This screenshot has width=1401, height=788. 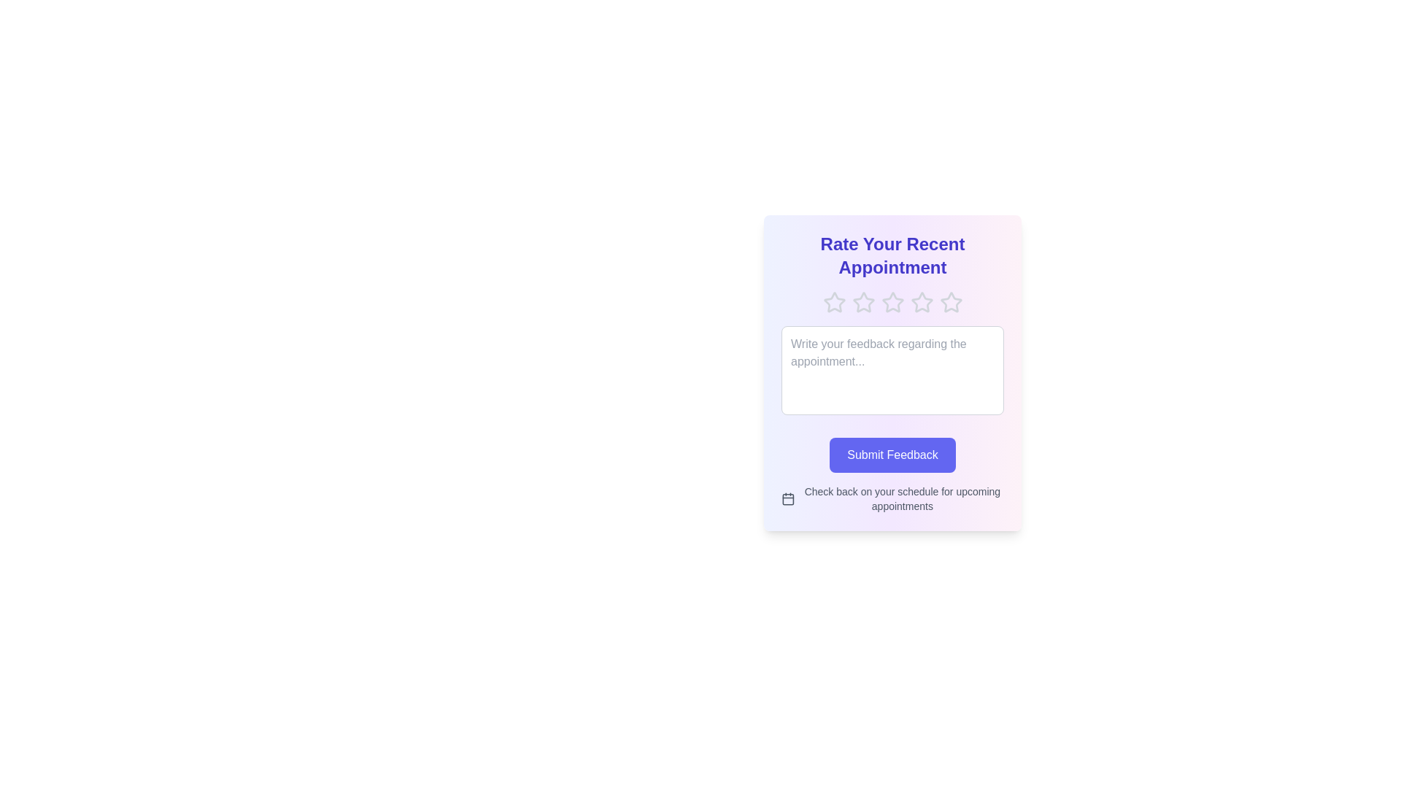 I want to click on the rating to 2 stars by clicking on the corresponding star, so click(x=863, y=302).